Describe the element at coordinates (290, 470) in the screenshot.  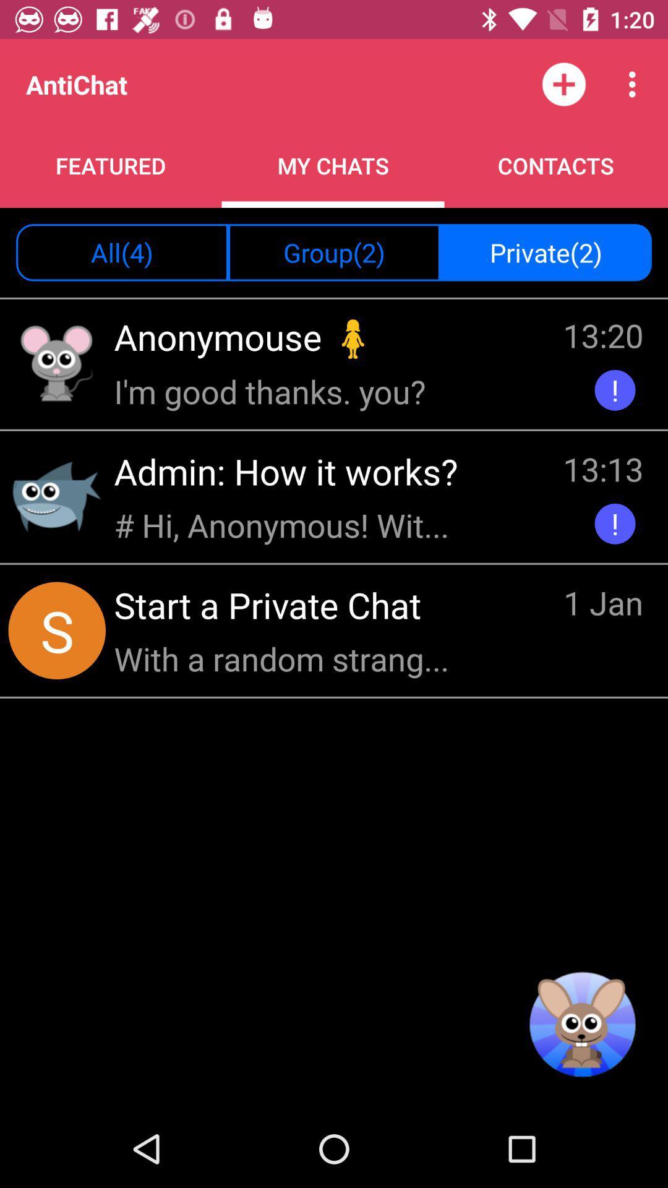
I see `admin how it` at that location.